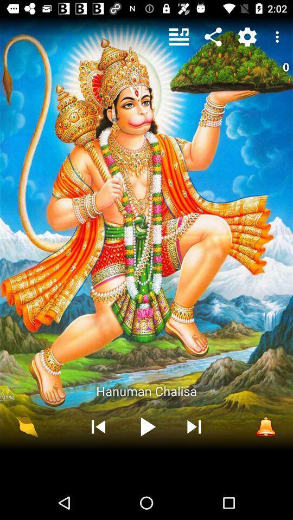 This screenshot has width=293, height=520. What do you see at coordinates (27, 426) in the screenshot?
I see `item below hanuman chalisa icon` at bounding box center [27, 426].